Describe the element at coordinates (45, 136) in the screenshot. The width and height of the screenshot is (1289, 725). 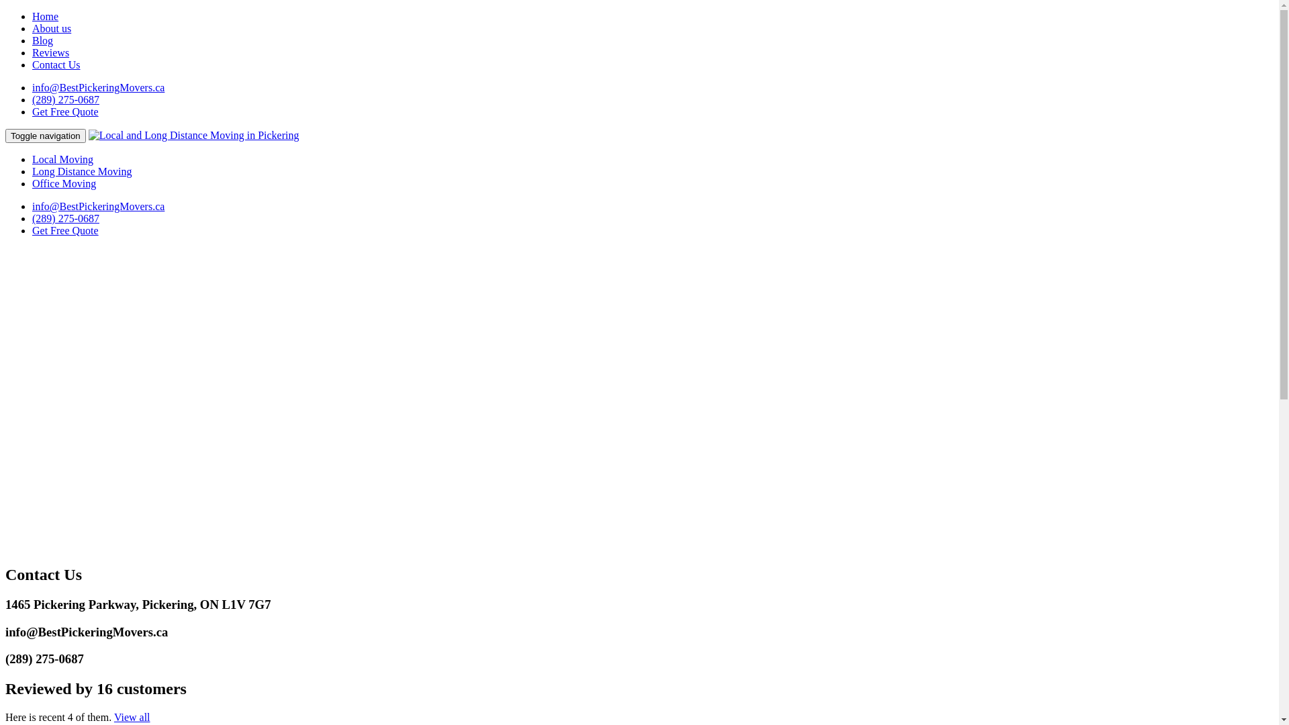
I see `'Toggle navigation'` at that location.